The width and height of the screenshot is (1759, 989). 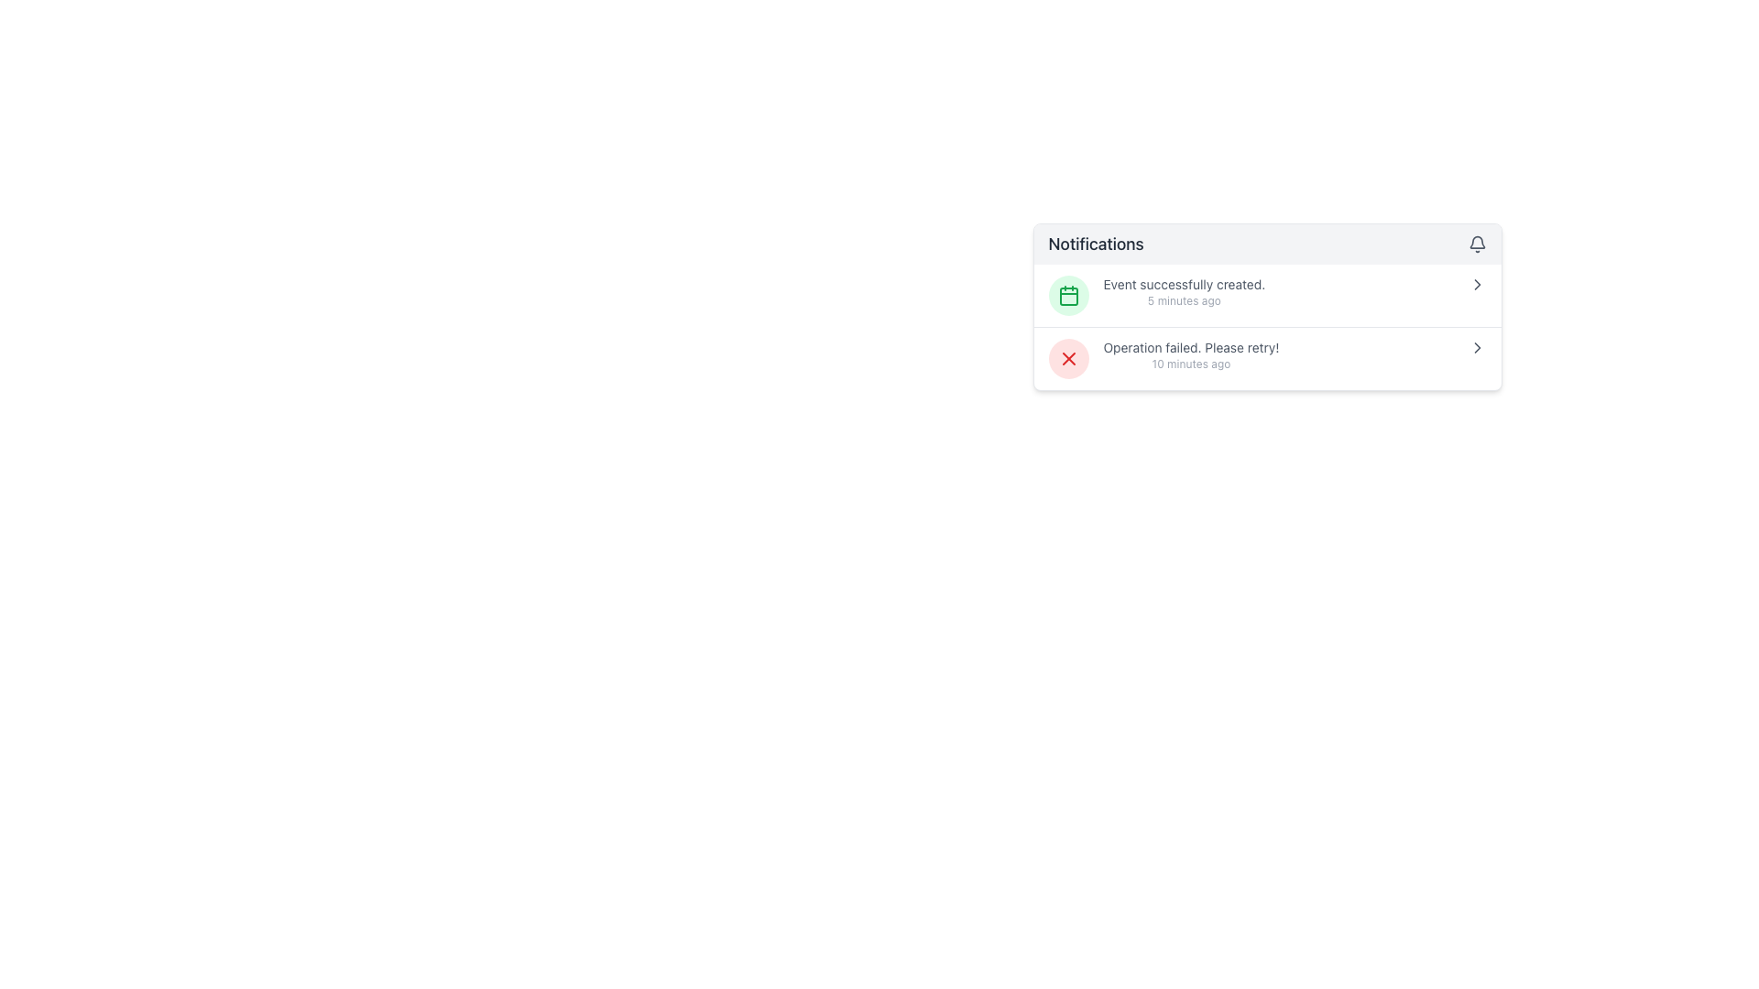 I want to click on the static text label that provides the timestamp for the notification, located directly below the message 'Operation failed. Please retry!' in the notification panel, so click(x=1191, y=364).